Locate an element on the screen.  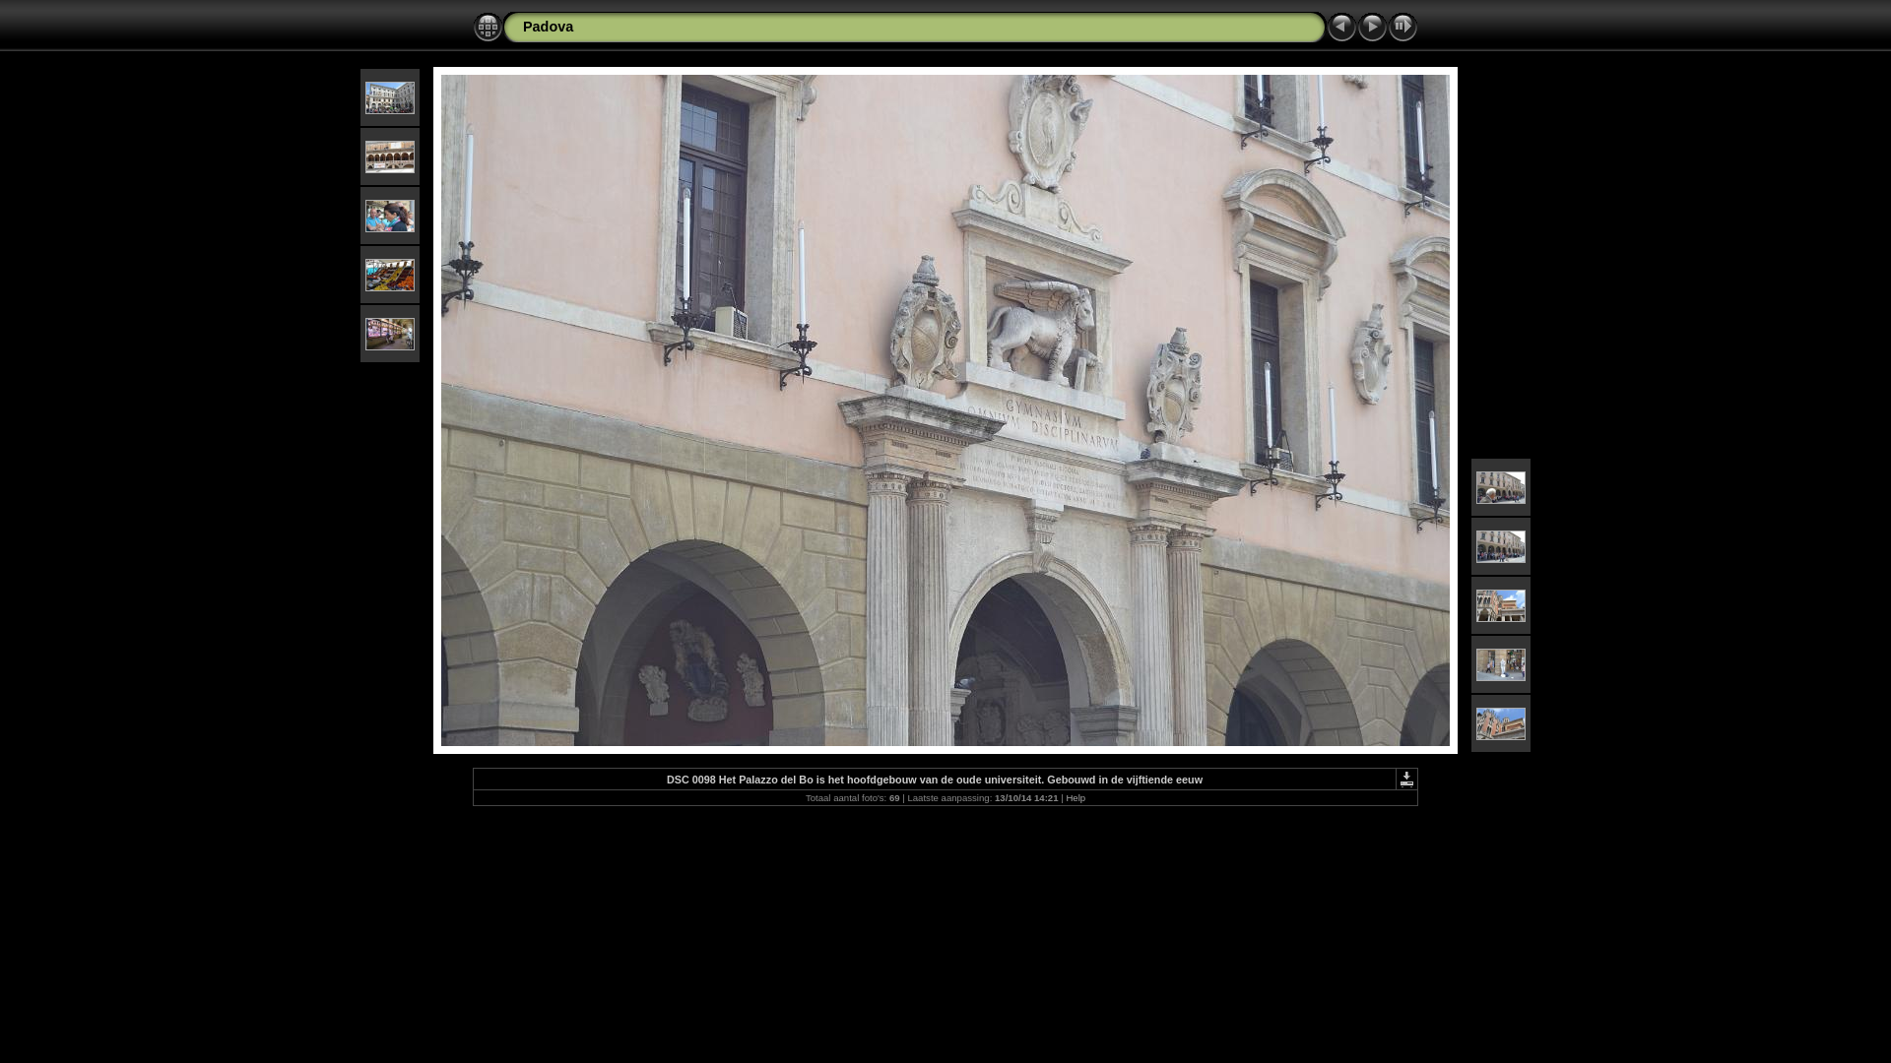
' Index pagina ' is located at coordinates (488, 27).